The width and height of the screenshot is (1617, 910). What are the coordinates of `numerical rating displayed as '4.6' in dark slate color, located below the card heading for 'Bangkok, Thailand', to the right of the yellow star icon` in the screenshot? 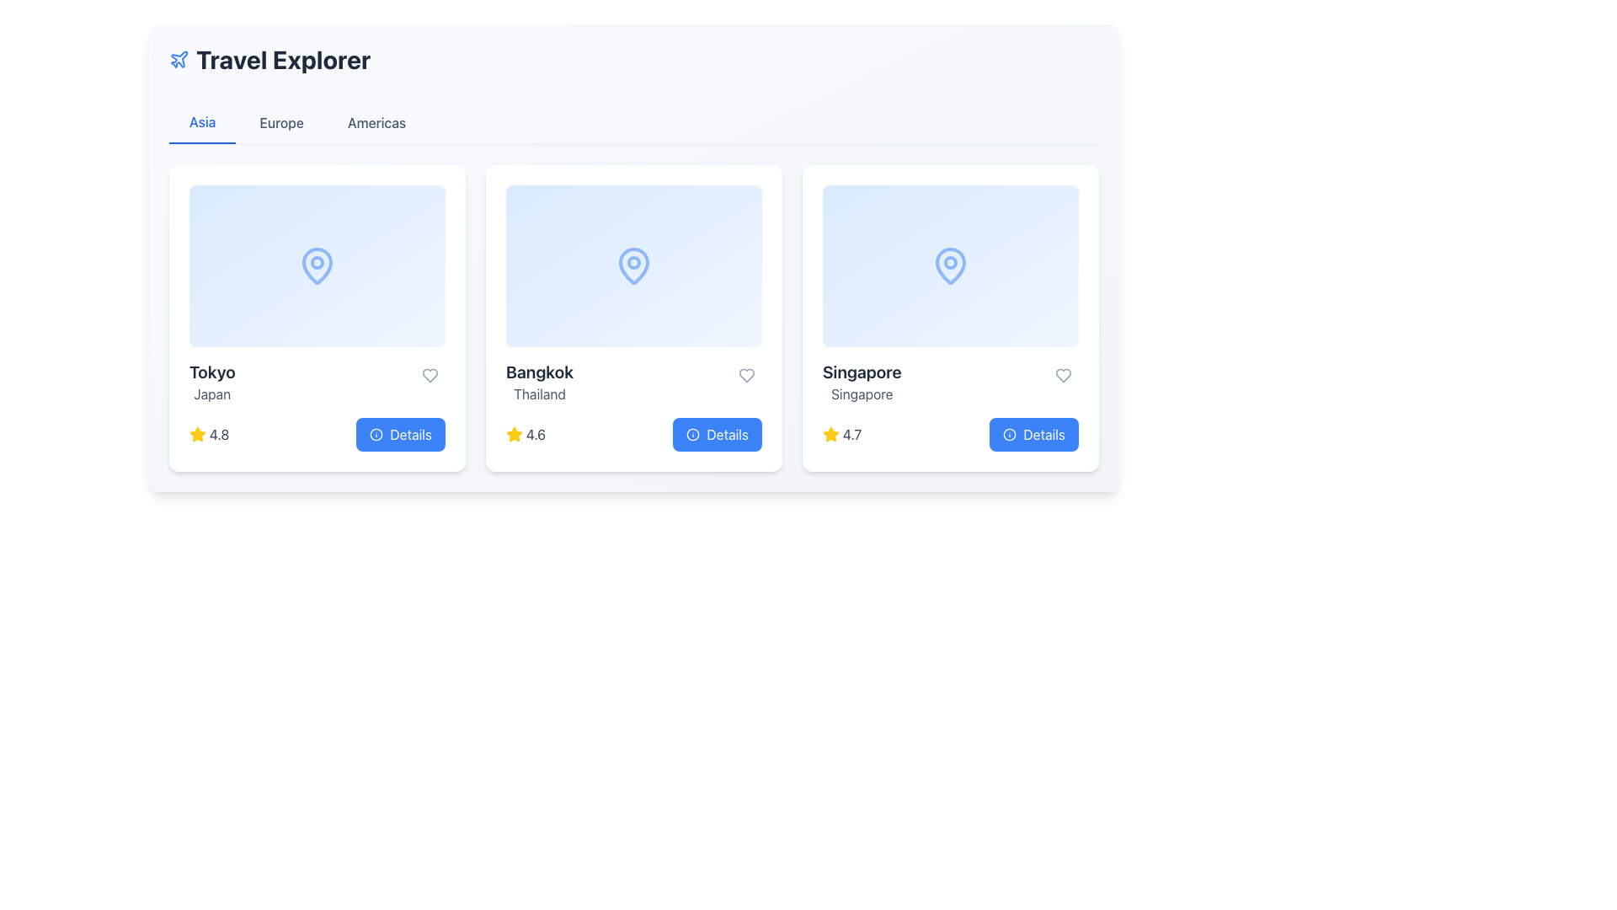 It's located at (535, 434).